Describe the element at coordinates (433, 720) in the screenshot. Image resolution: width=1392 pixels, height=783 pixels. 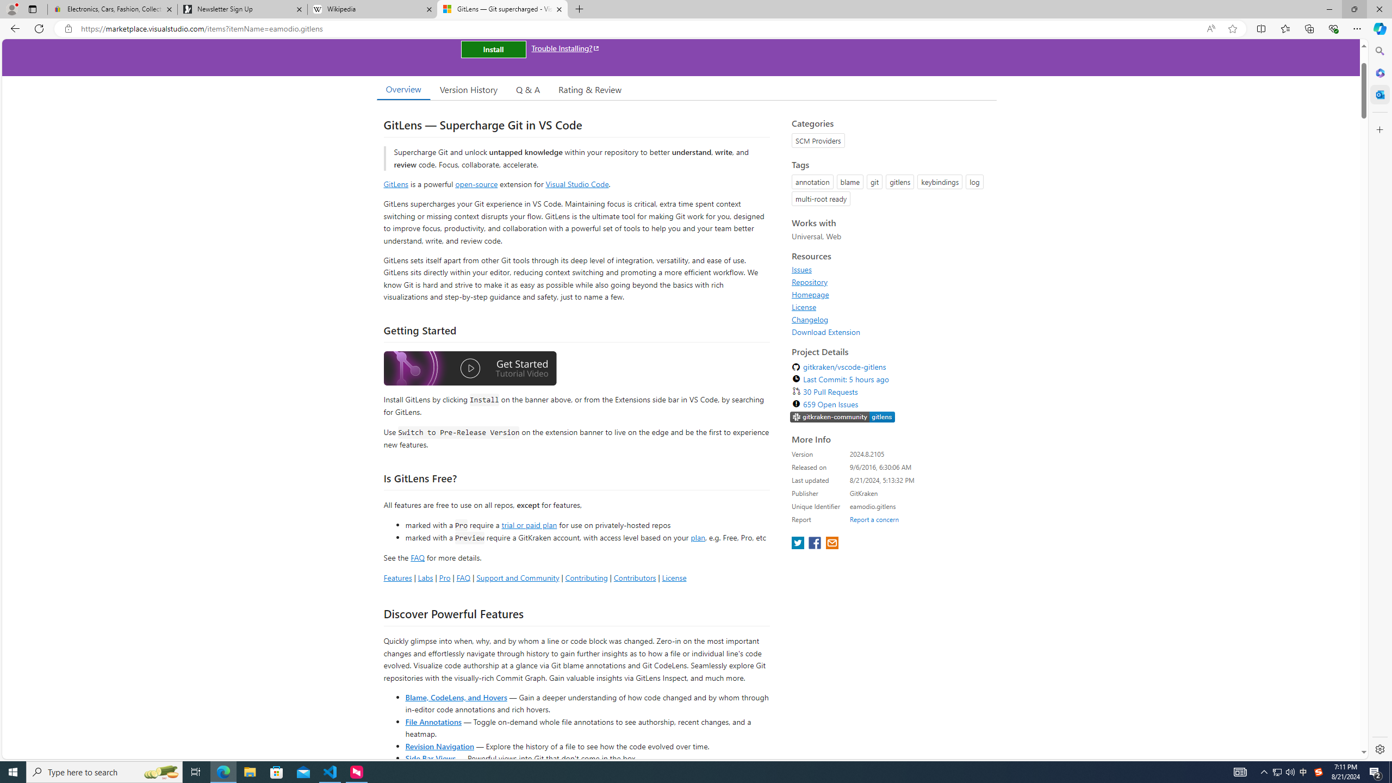
I see `'File Annotations'` at that location.